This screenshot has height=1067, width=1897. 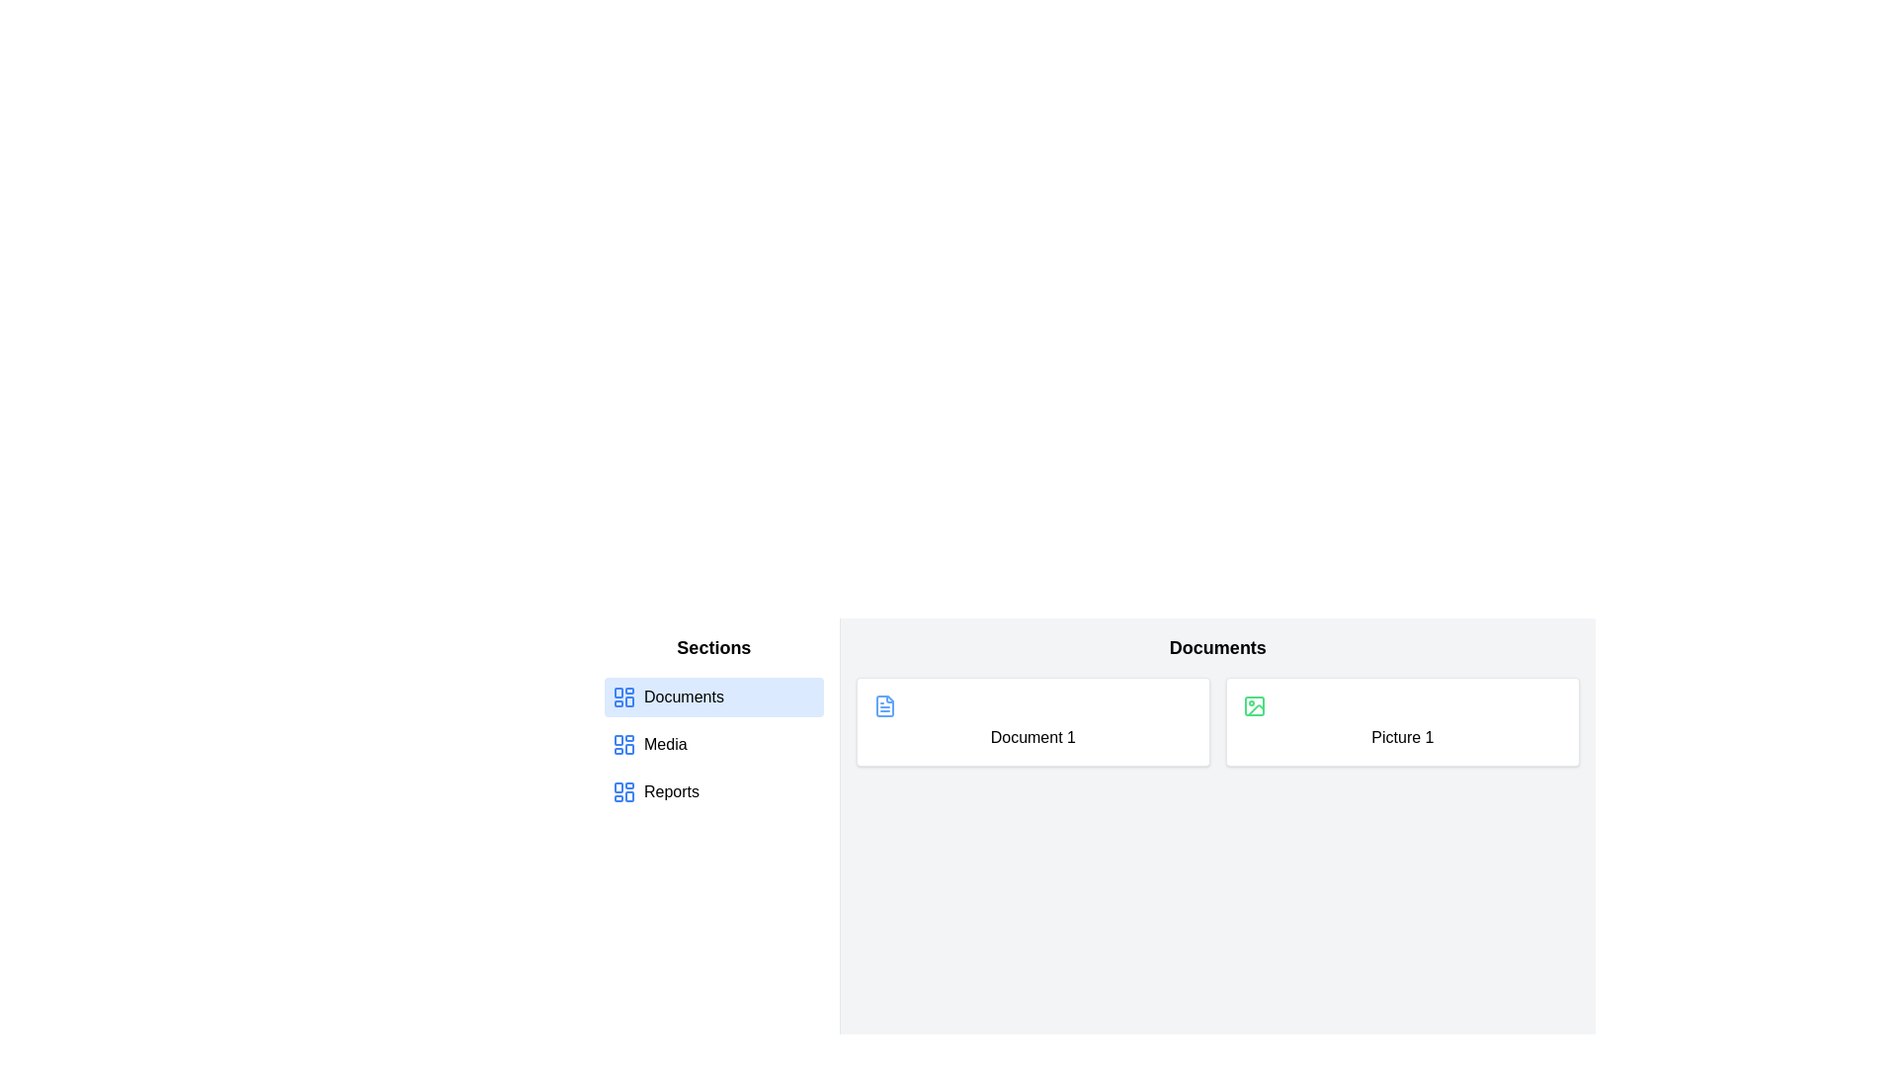 What do you see at coordinates (1402, 738) in the screenshot?
I see `text from the descriptive label located at the bottom of the image card in the 'Documents' section of the user interface, which is positioned next to the 'Document 1' card` at bounding box center [1402, 738].